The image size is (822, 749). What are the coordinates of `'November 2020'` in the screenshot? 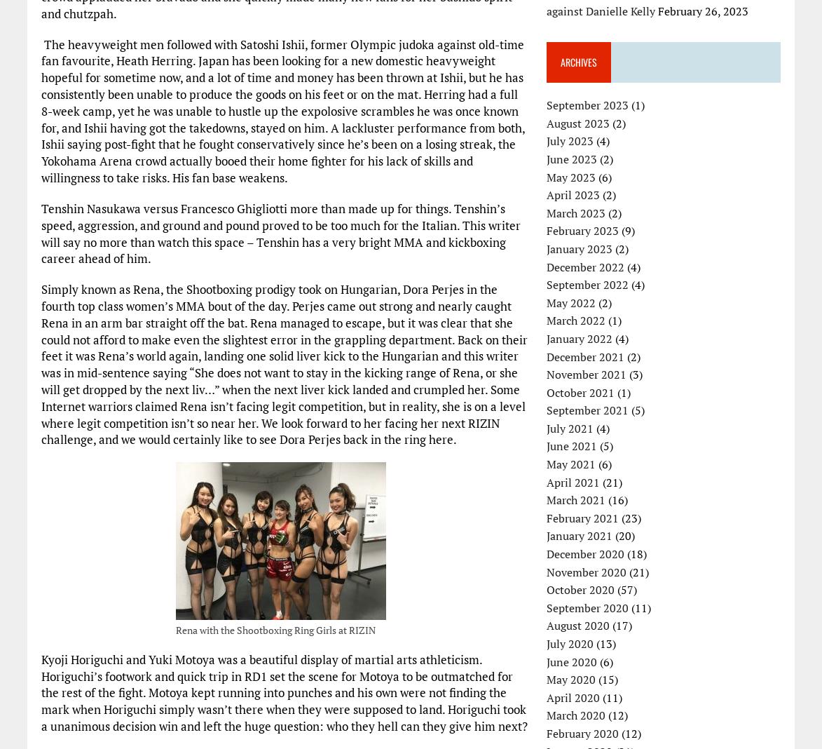 It's located at (587, 570).